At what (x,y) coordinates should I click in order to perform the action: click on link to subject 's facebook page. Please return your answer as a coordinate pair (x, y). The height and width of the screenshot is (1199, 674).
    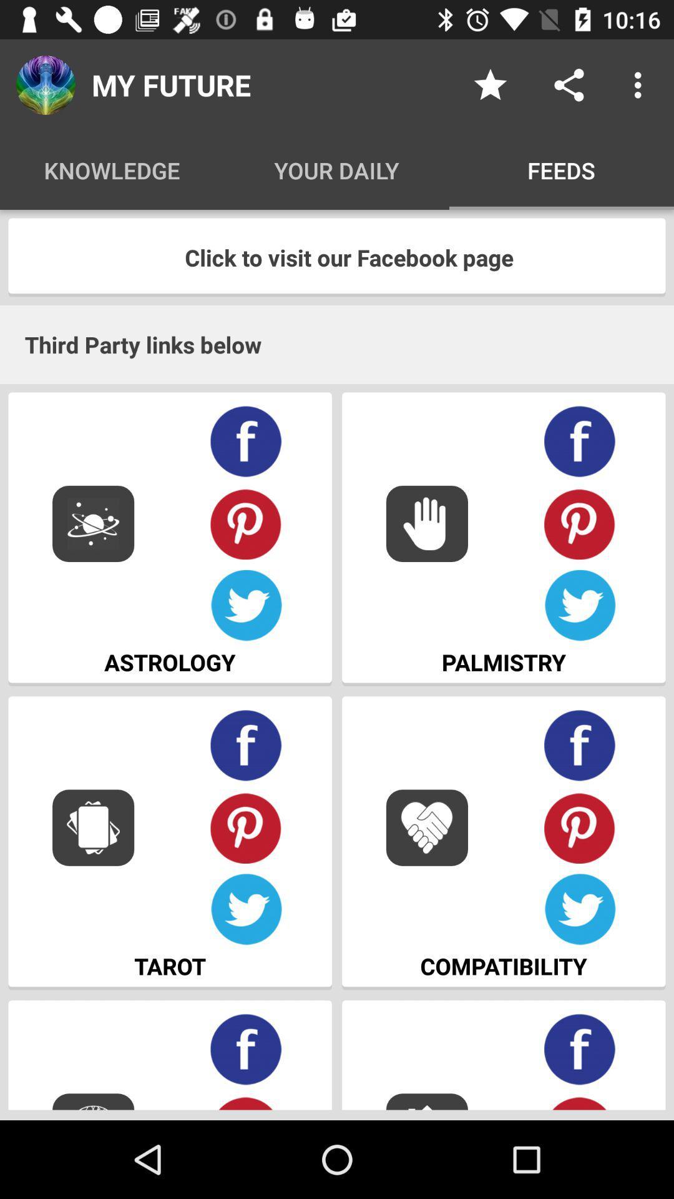
    Looking at the image, I should click on (246, 442).